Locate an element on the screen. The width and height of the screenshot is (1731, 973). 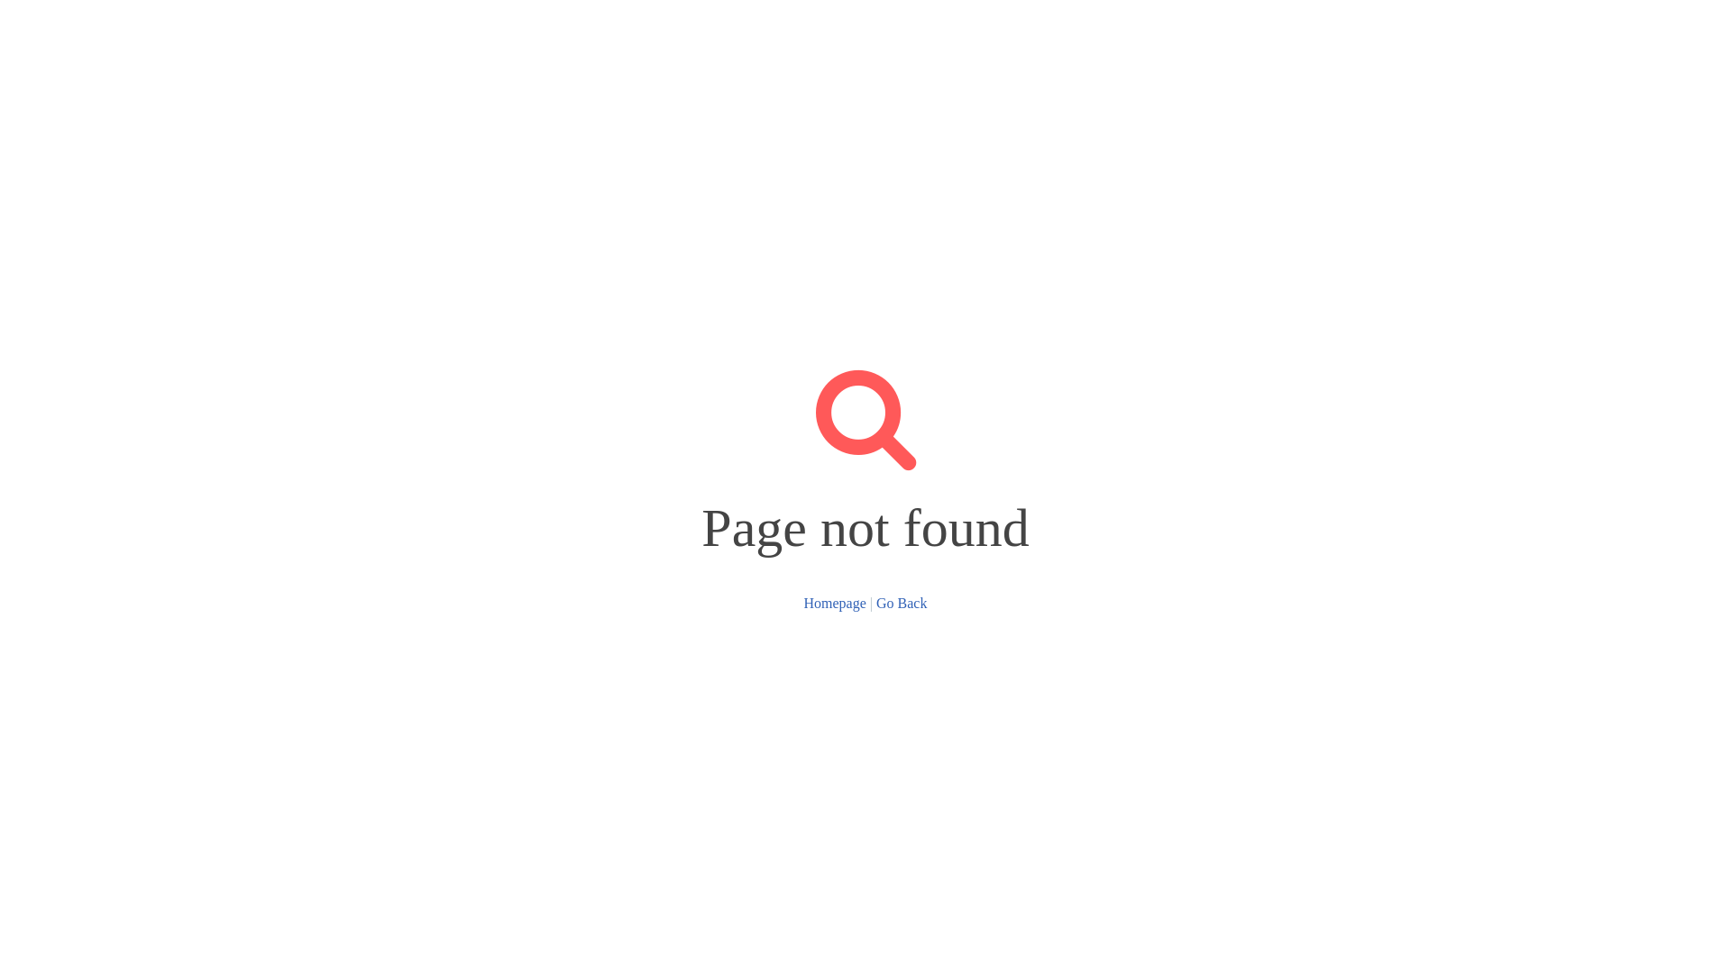
'Go Back' is located at coordinates (901, 602).